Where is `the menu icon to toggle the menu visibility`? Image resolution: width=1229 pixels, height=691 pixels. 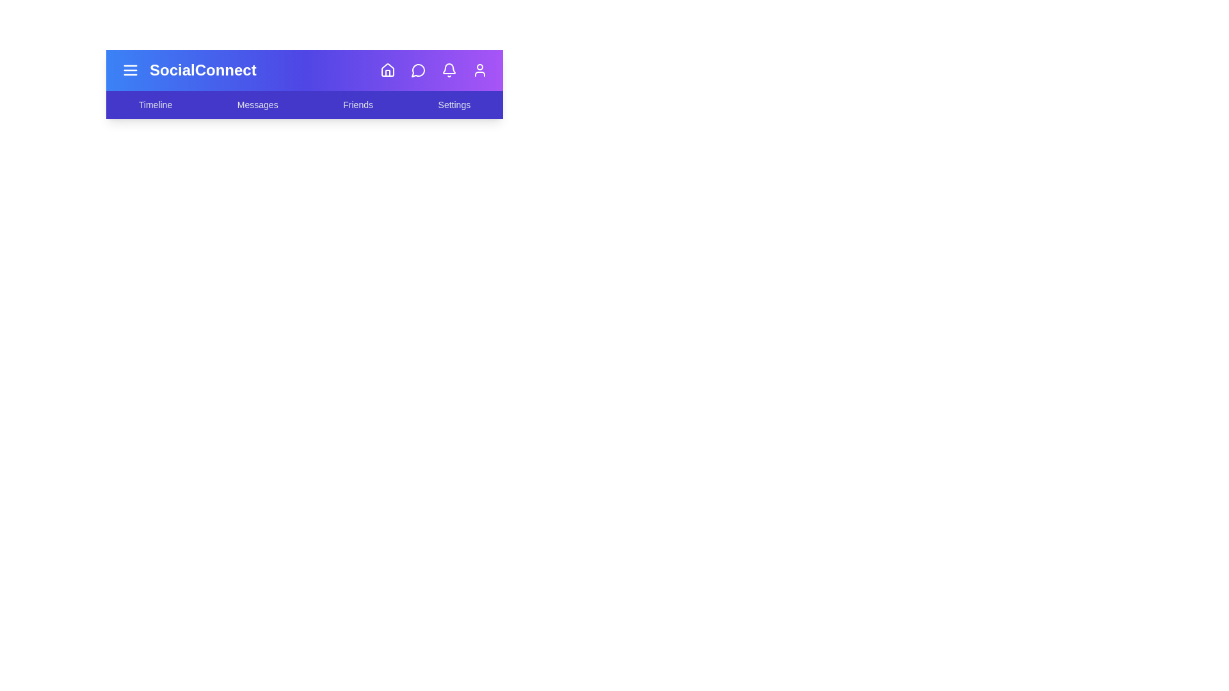
the menu icon to toggle the menu visibility is located at coordinates (130, 70).